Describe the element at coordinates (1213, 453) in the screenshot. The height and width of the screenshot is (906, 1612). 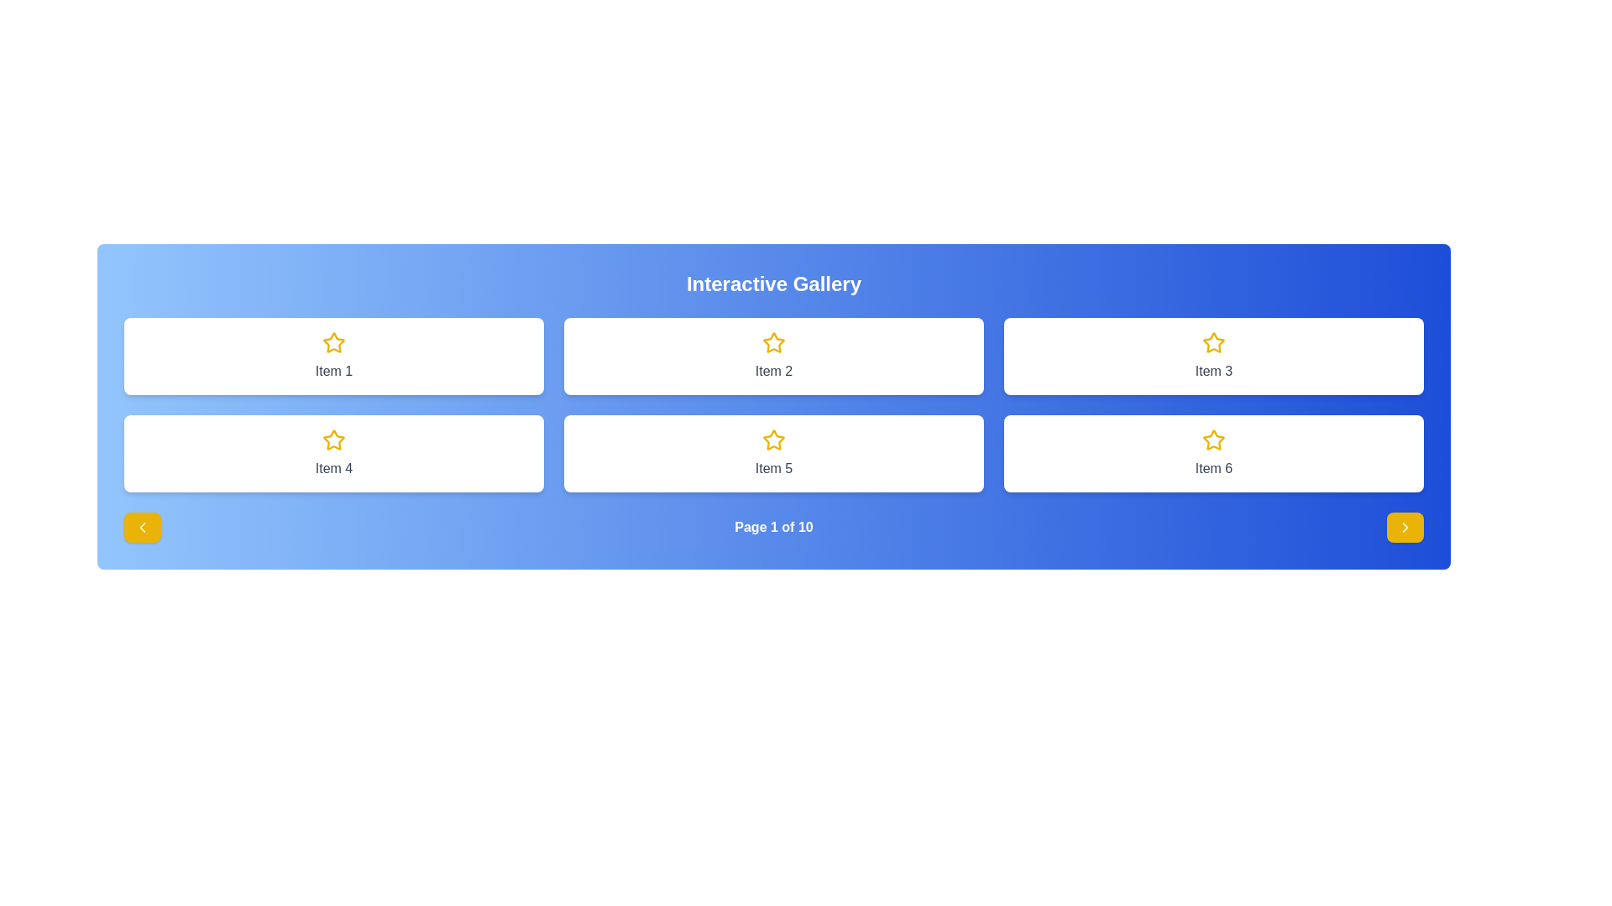
I see `the non-interactive card displaying the label 'Item 6', which is the rightmost card in the bottom row of a 3x2 grid layout` at that location.